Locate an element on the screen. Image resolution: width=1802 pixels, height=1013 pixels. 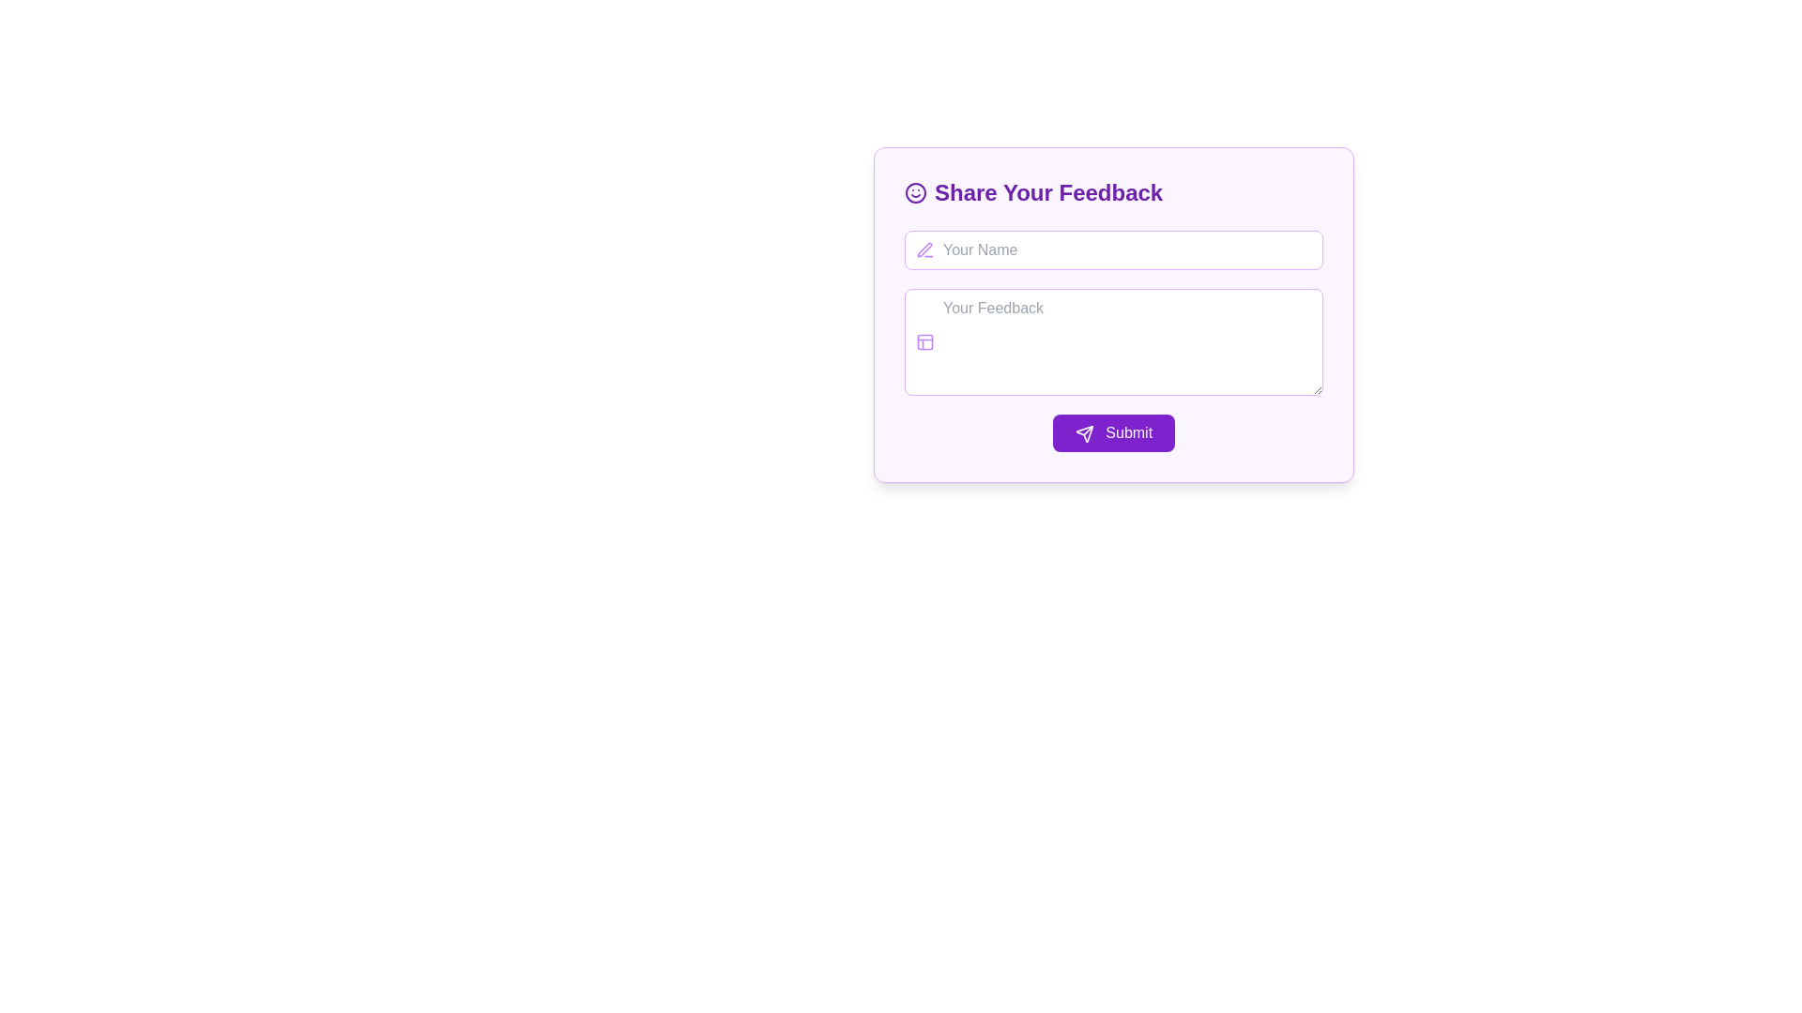
the primary circular element of the smiley face icon used for indicating sentiment is located at coordinates (915, 192).